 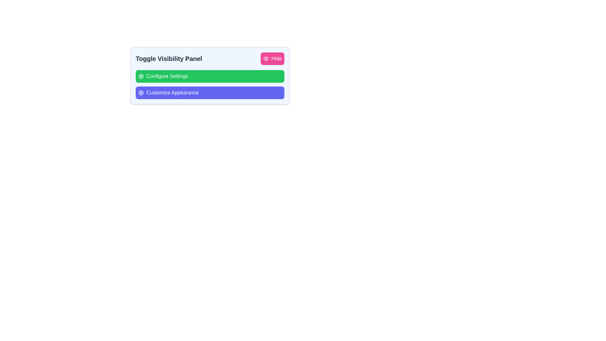 I want to click on the configuration settings button located at the top of the vertical stack of buttons, above the blue button labeled 'Customize Appearance', so click(x=163, y=76).